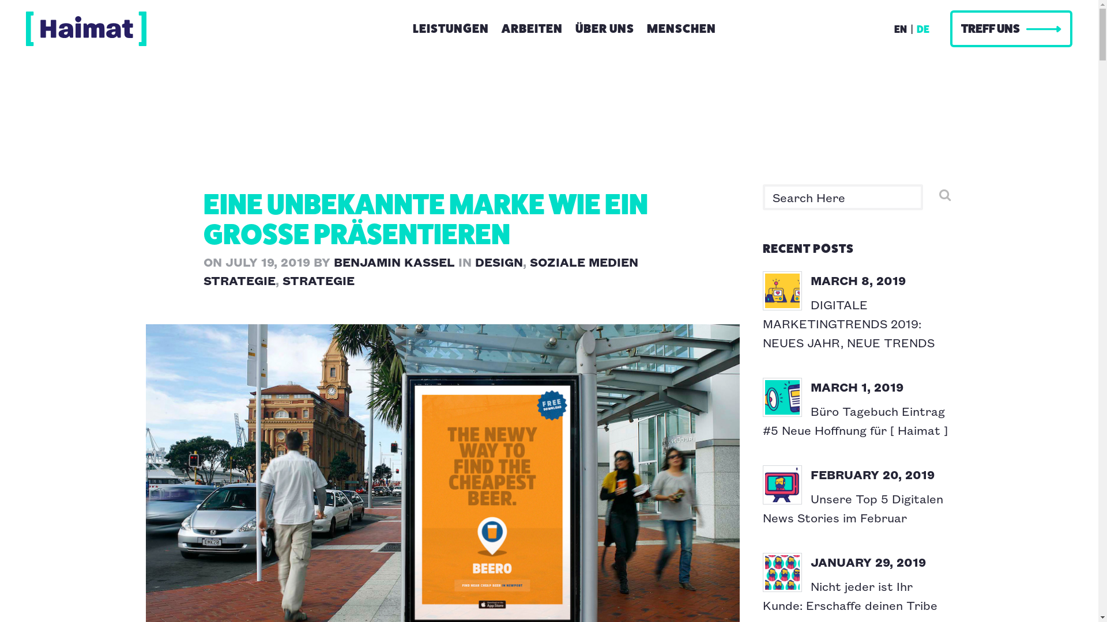 The width and height of the screenshot is (1107, 622). What do you see at coordinates (1010, 28) in the screenshot?
I see `'TREFF UNS'` at bounding box center [1010, 28].